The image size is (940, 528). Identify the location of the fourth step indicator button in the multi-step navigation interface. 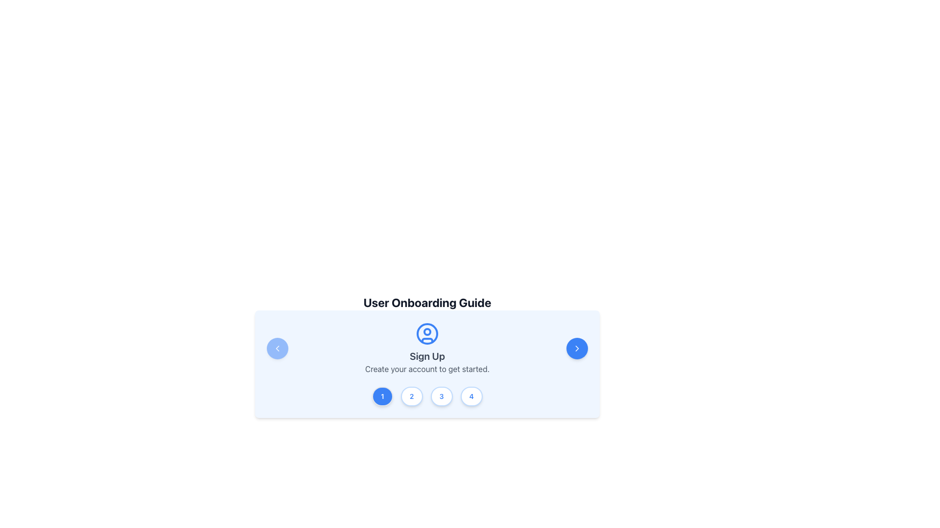
(471, 396).